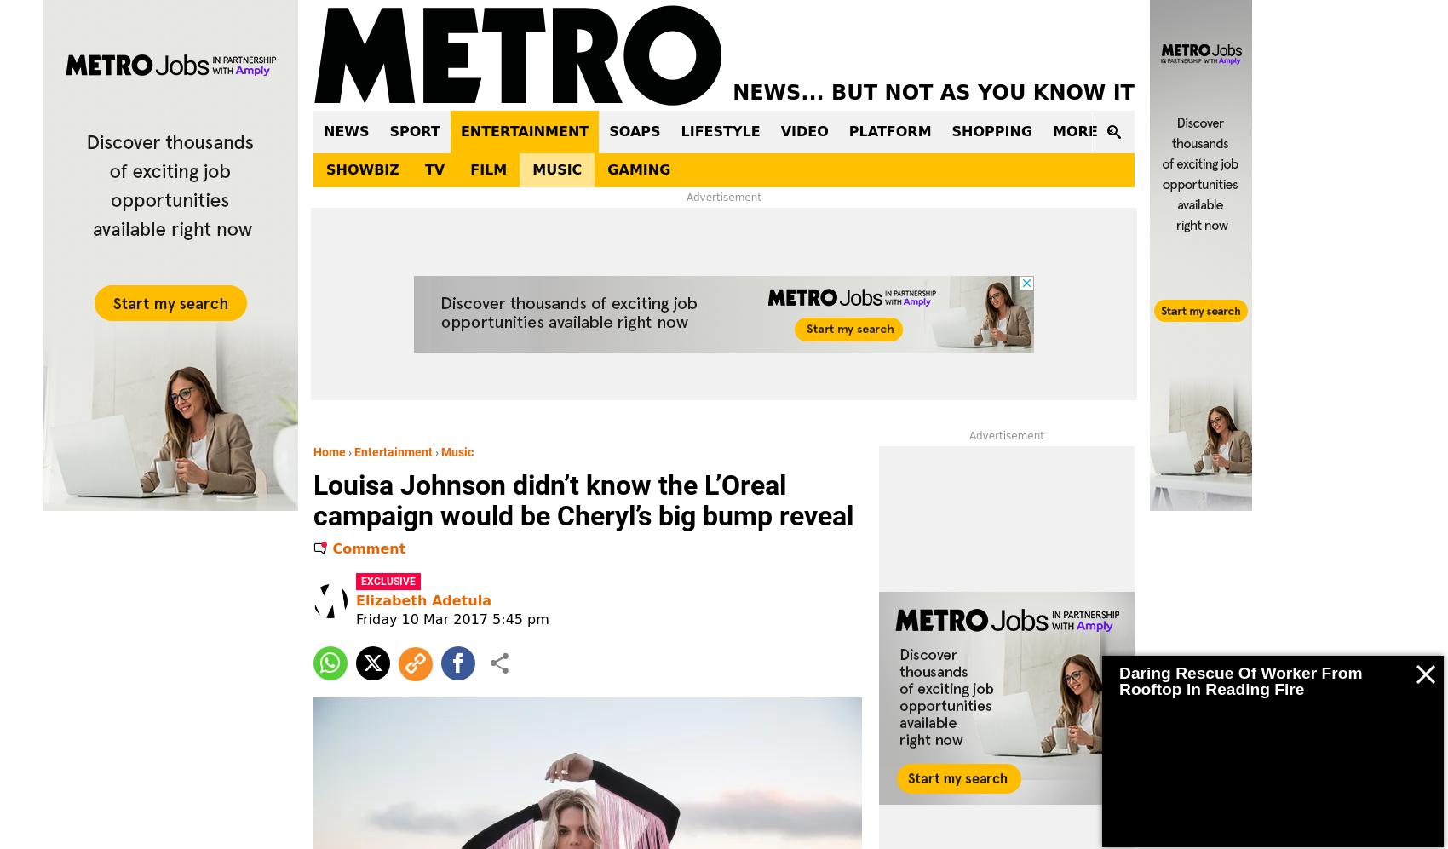 This screenshot has height=849, width=1448. What do you see at coordinates (991, 130) in the screenshot?
I see `'Shopping'` at bounding box center [991, 130].